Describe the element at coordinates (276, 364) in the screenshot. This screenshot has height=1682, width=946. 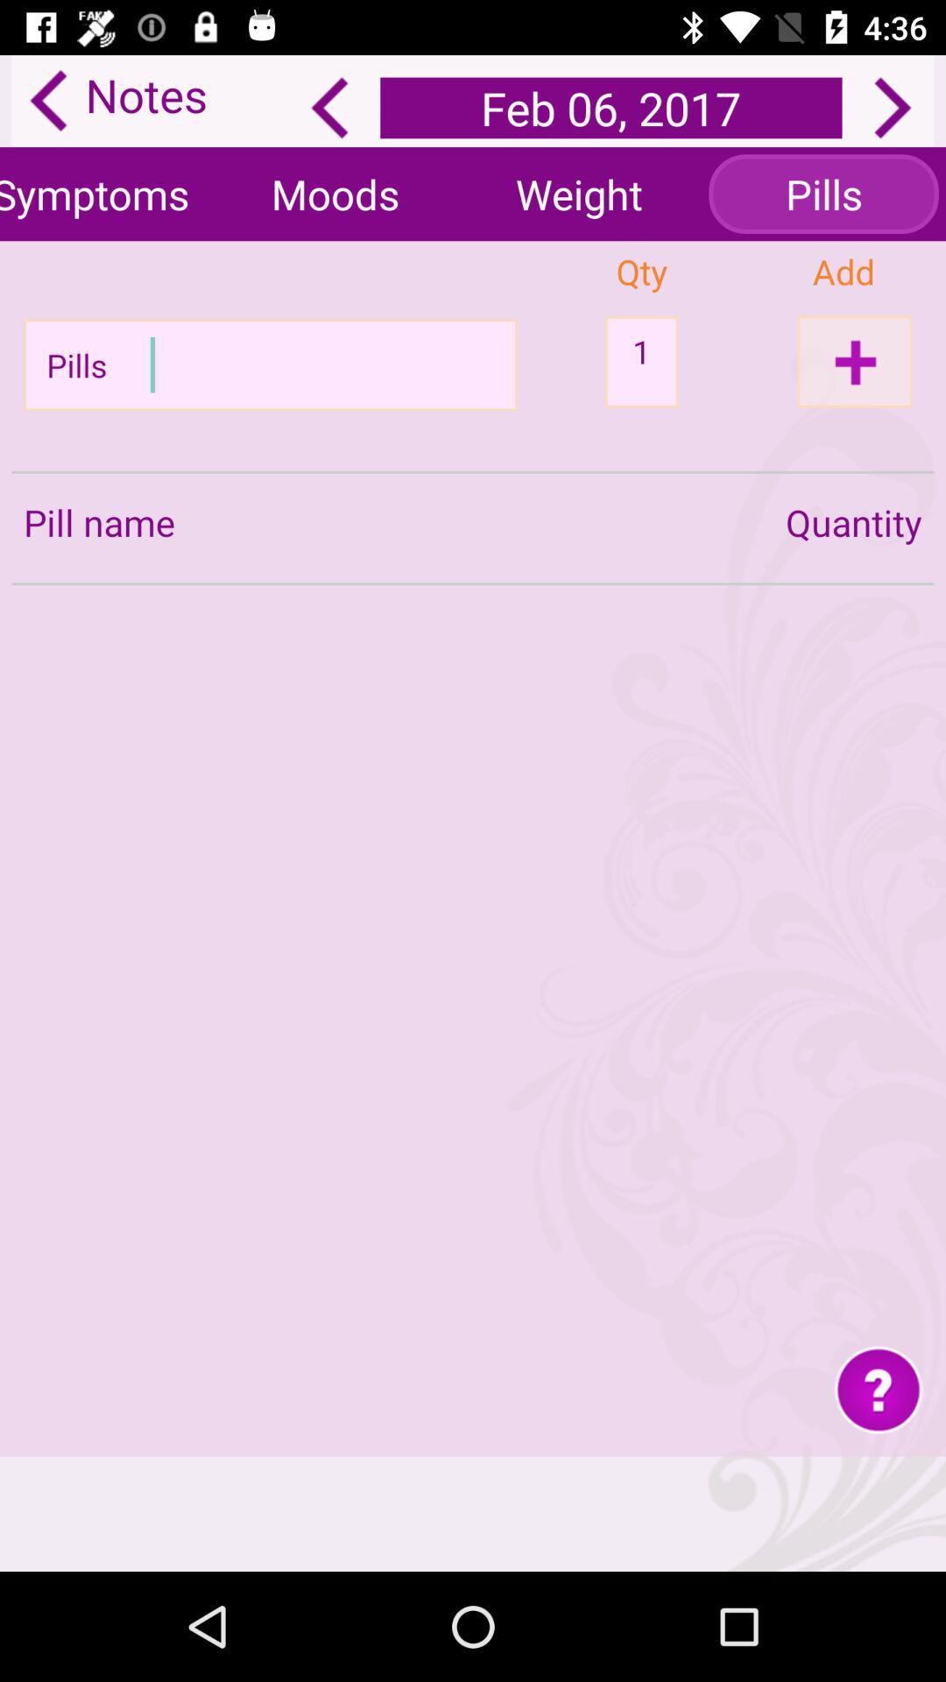
I see `pill name text imput` at that location.